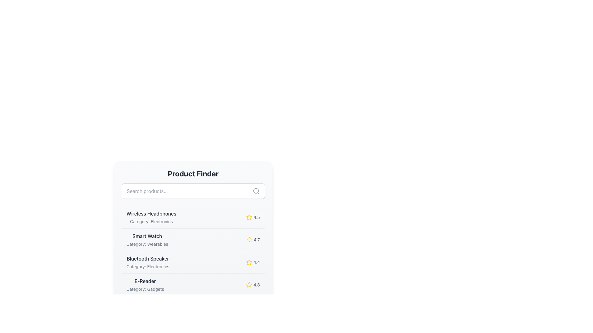 This screenshot has width=593, height=333. What do you see at coordinates (257, 262) in the screenshot?
I see `the text element that communicates the product rating value, located to the right of the yellow star icon in the rating information section of the 'Bluetooth Speaker' item` at bounding box center [257, 262].